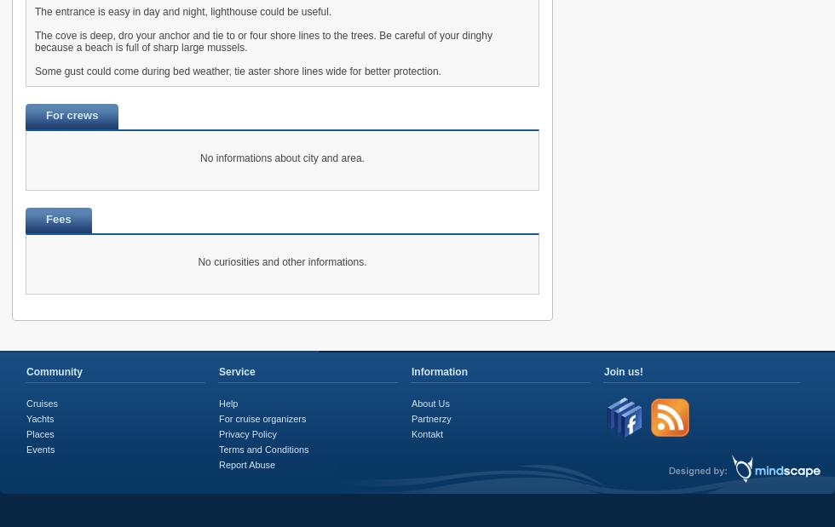 Image resolution: width=835 pixels, height=527 pixels. I want to click on 'Cruises', so click(42, 403).